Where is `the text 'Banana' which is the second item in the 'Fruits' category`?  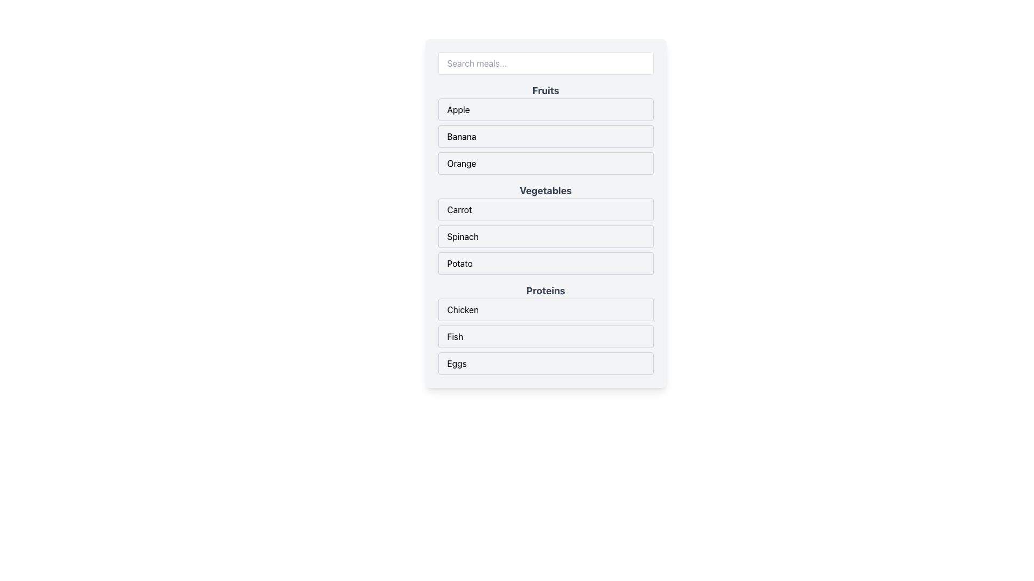
the text 'Banana' which is the second item in the 'Fruits' category is located at coordinates (462, 136).